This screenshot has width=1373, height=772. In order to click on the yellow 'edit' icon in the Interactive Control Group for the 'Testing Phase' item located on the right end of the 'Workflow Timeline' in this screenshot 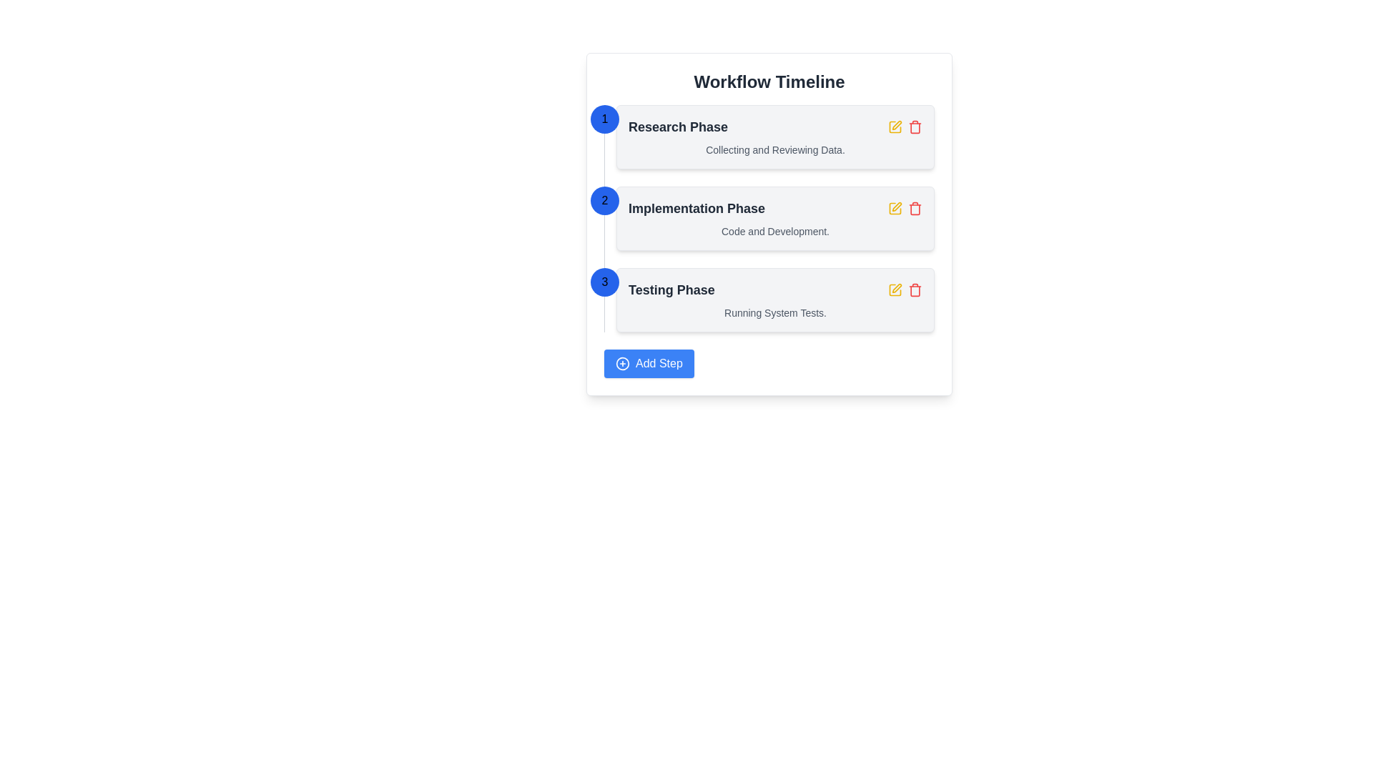, I will do `click(905, 289)`.